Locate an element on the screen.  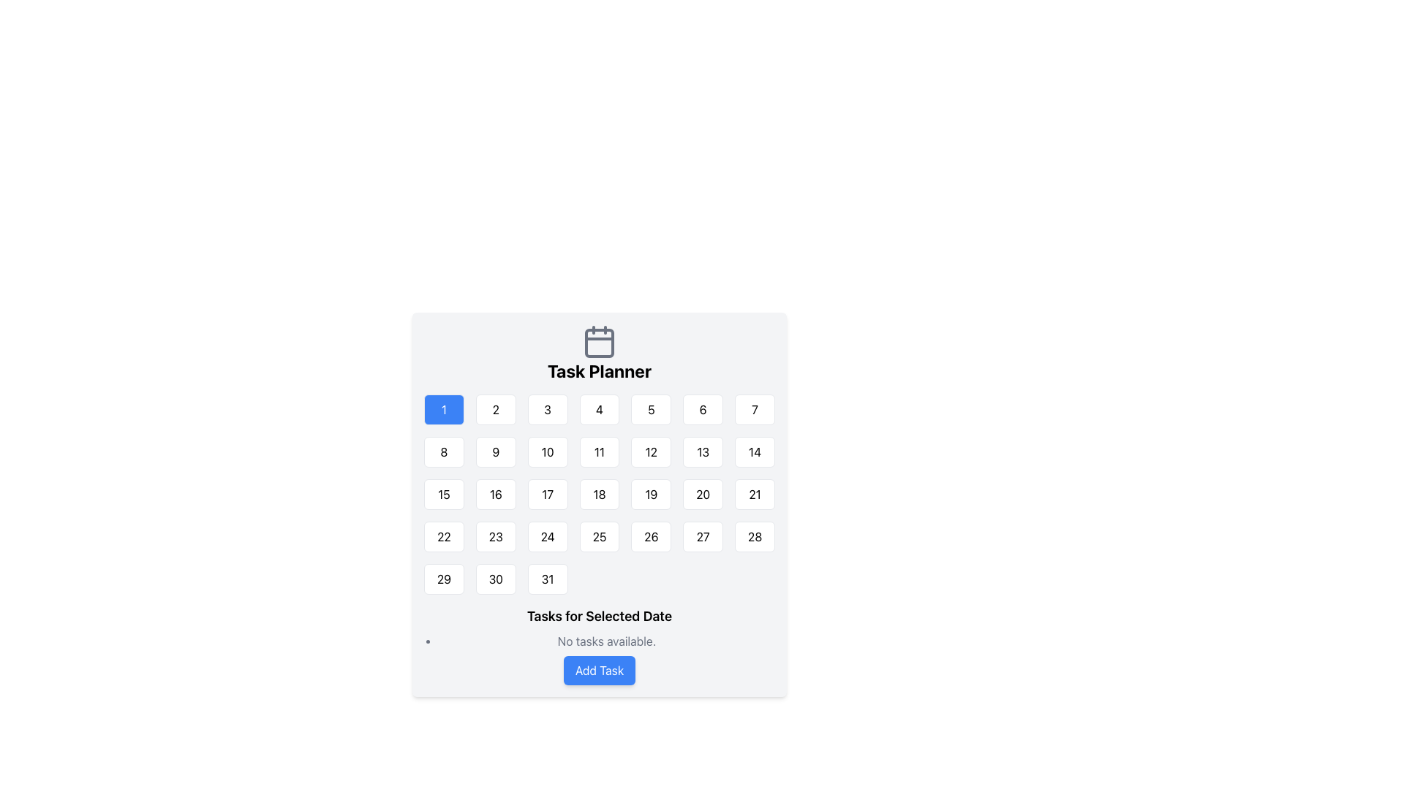
the button displaying '10' in the calendar interface is located at coordinates (547, 451).